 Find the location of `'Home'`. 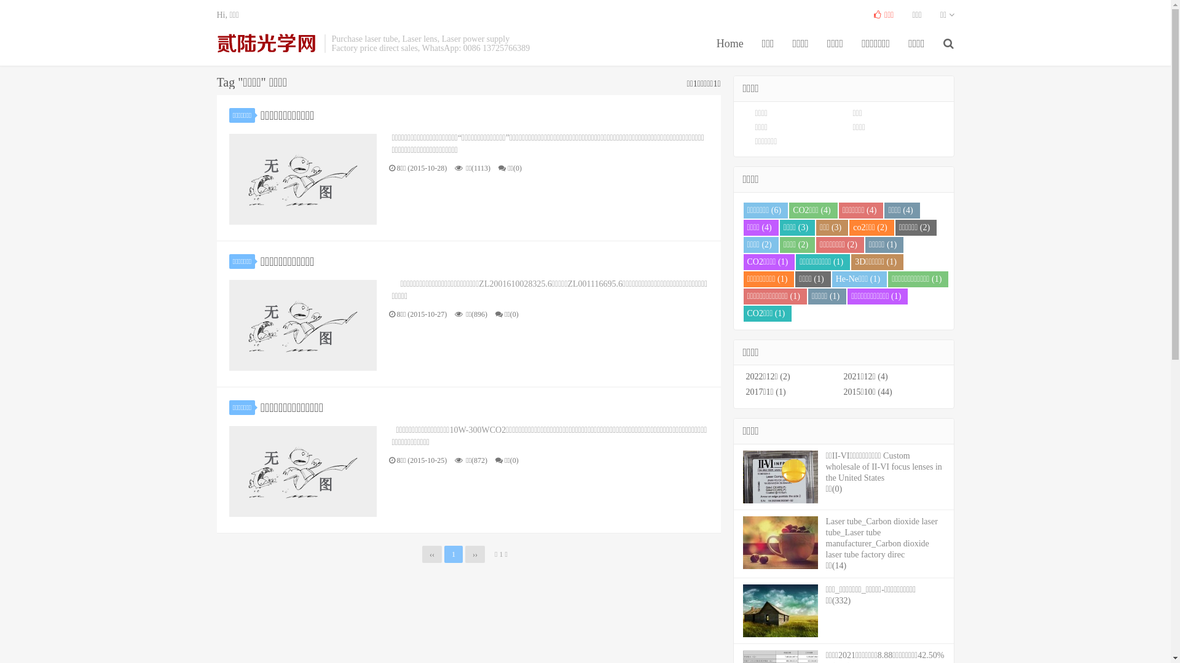

'Home' is located at coordinates (730, 42).